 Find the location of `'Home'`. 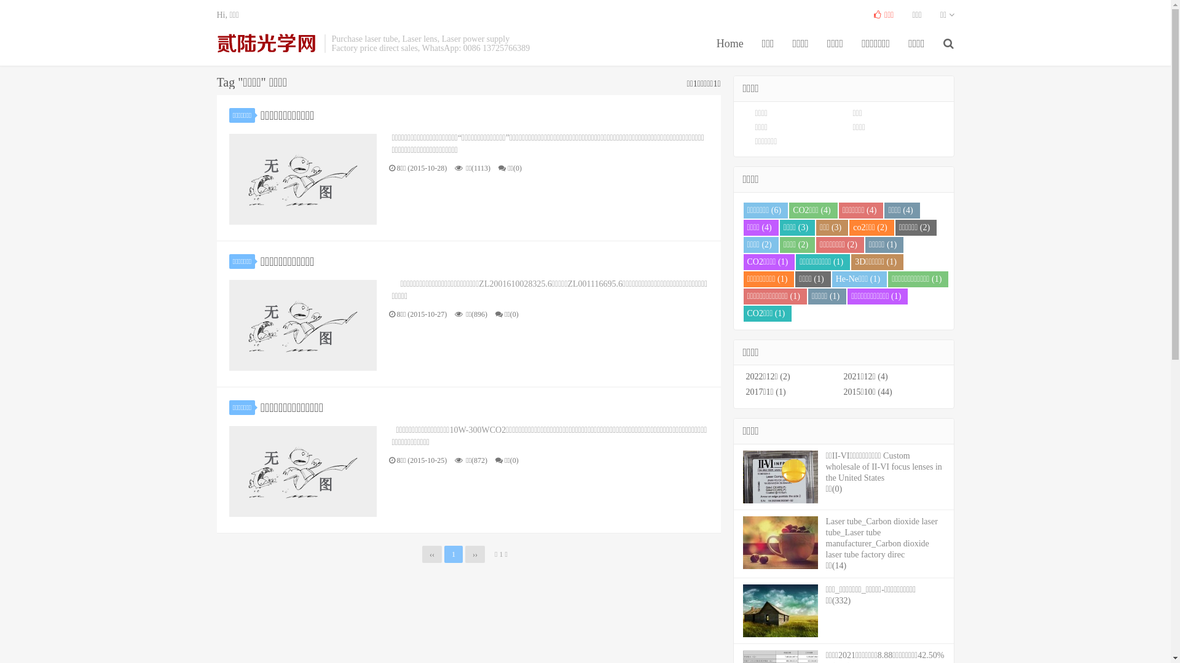

'Home' is located at coordinates (730, 42).